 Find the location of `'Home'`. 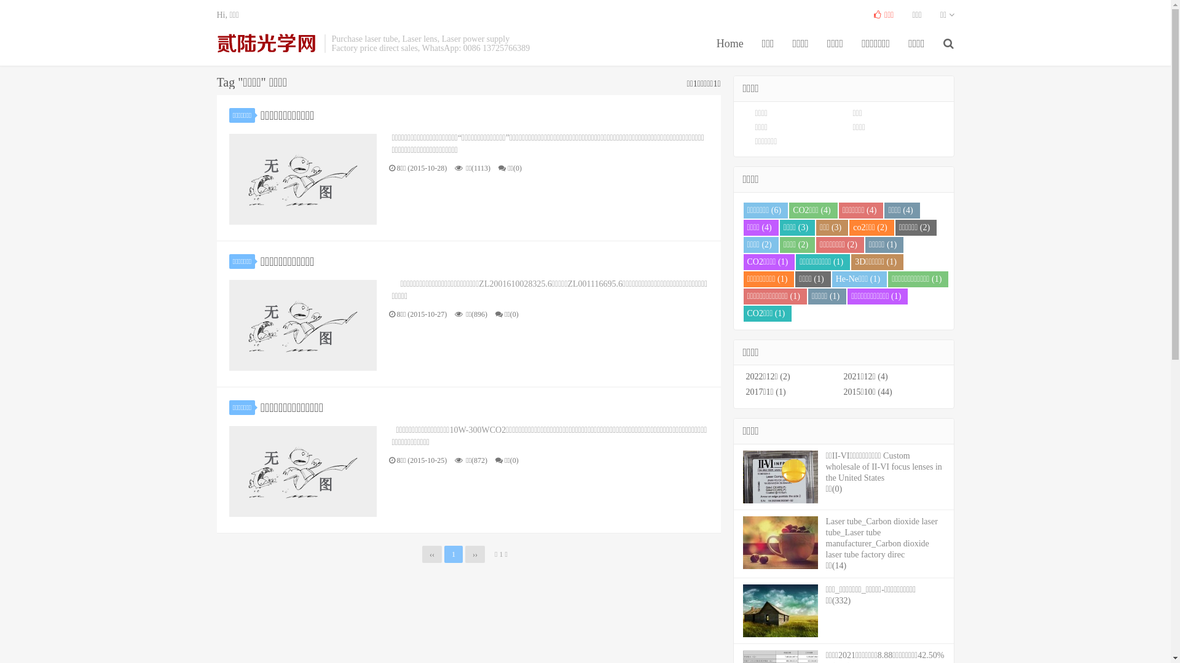

'Home' is located at coordinates (730, 42).